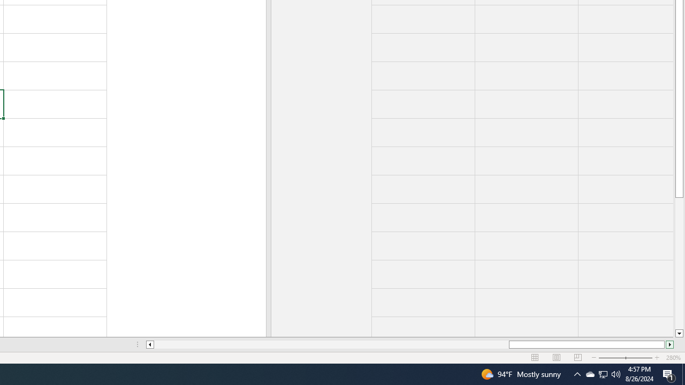  Describe the element at coordinates (656, 358) in the screenshot. I see `'Zoom In'` at that location.